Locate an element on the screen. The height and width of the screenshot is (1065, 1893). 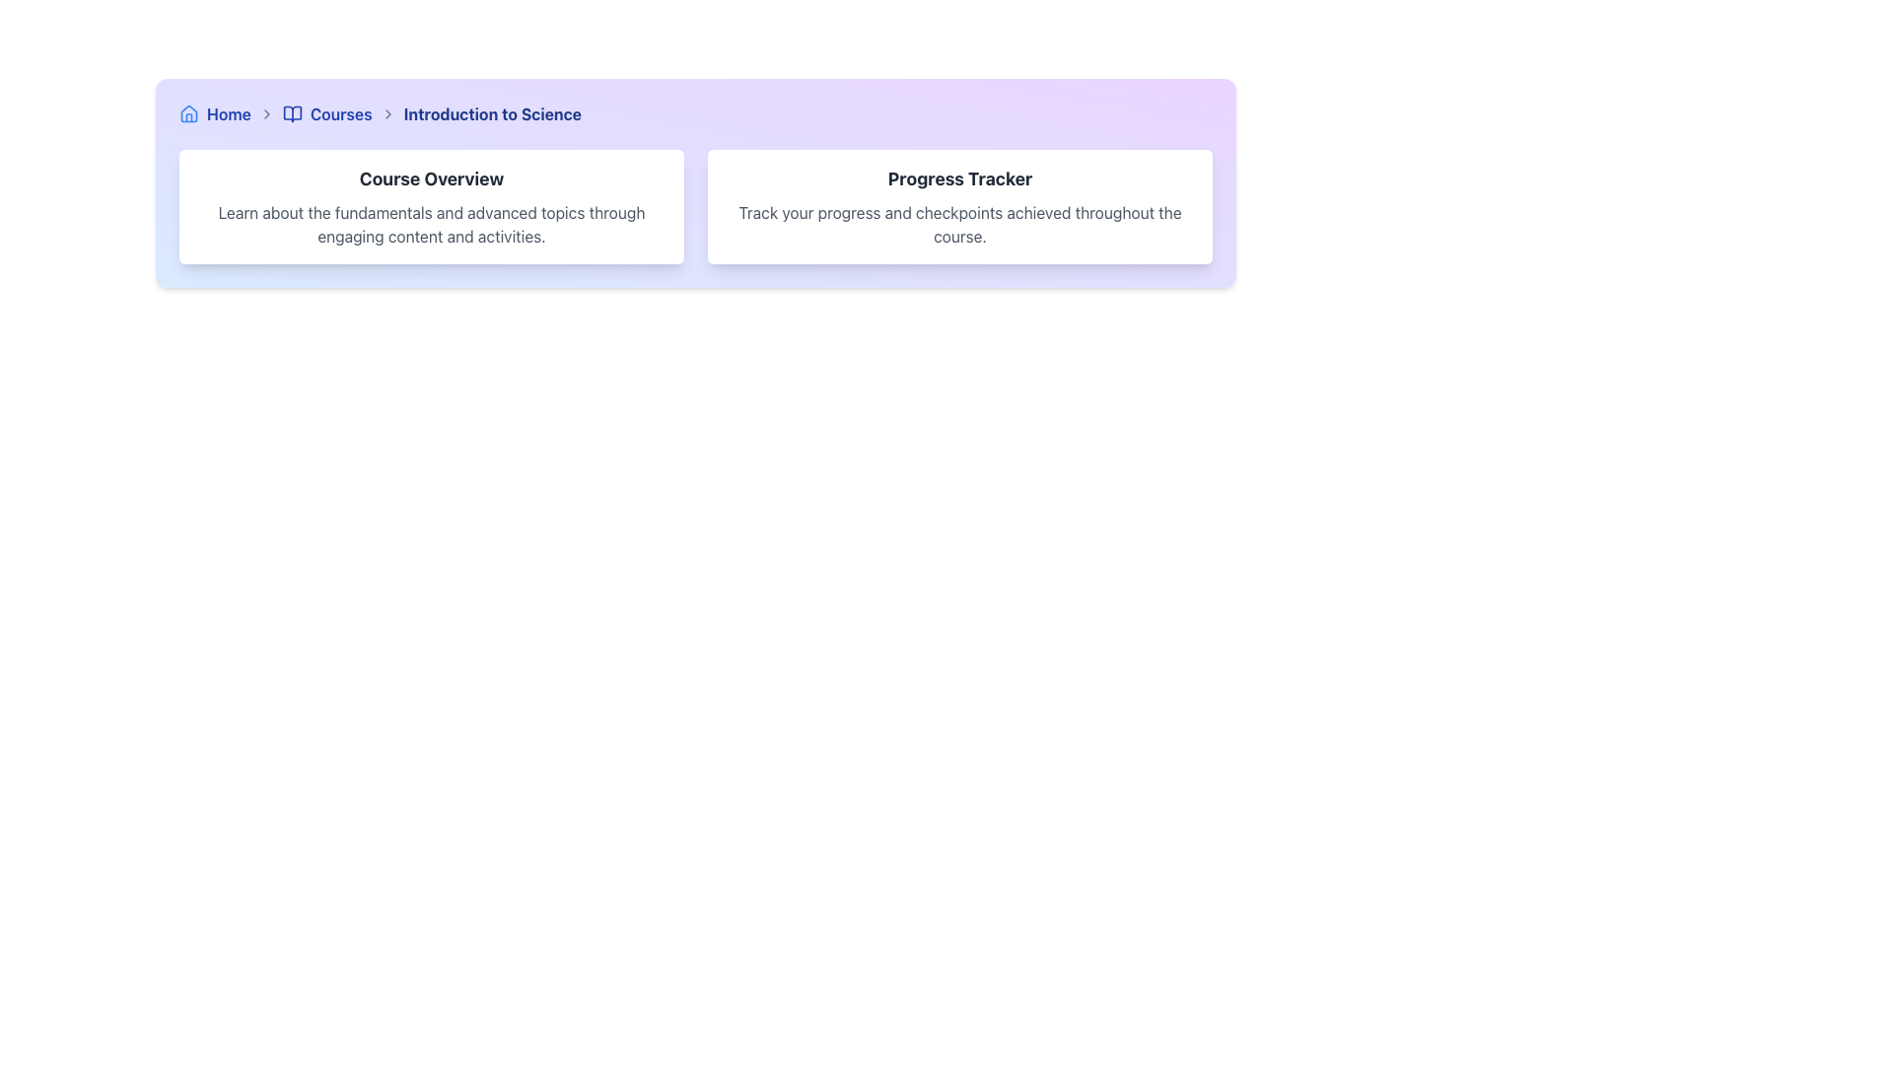
the Text Label that serves as a title or heading for the section, positioned above the description text 'Track your progress and checkpoints achieved throughout the course.' is located at coordinates (960, 178).